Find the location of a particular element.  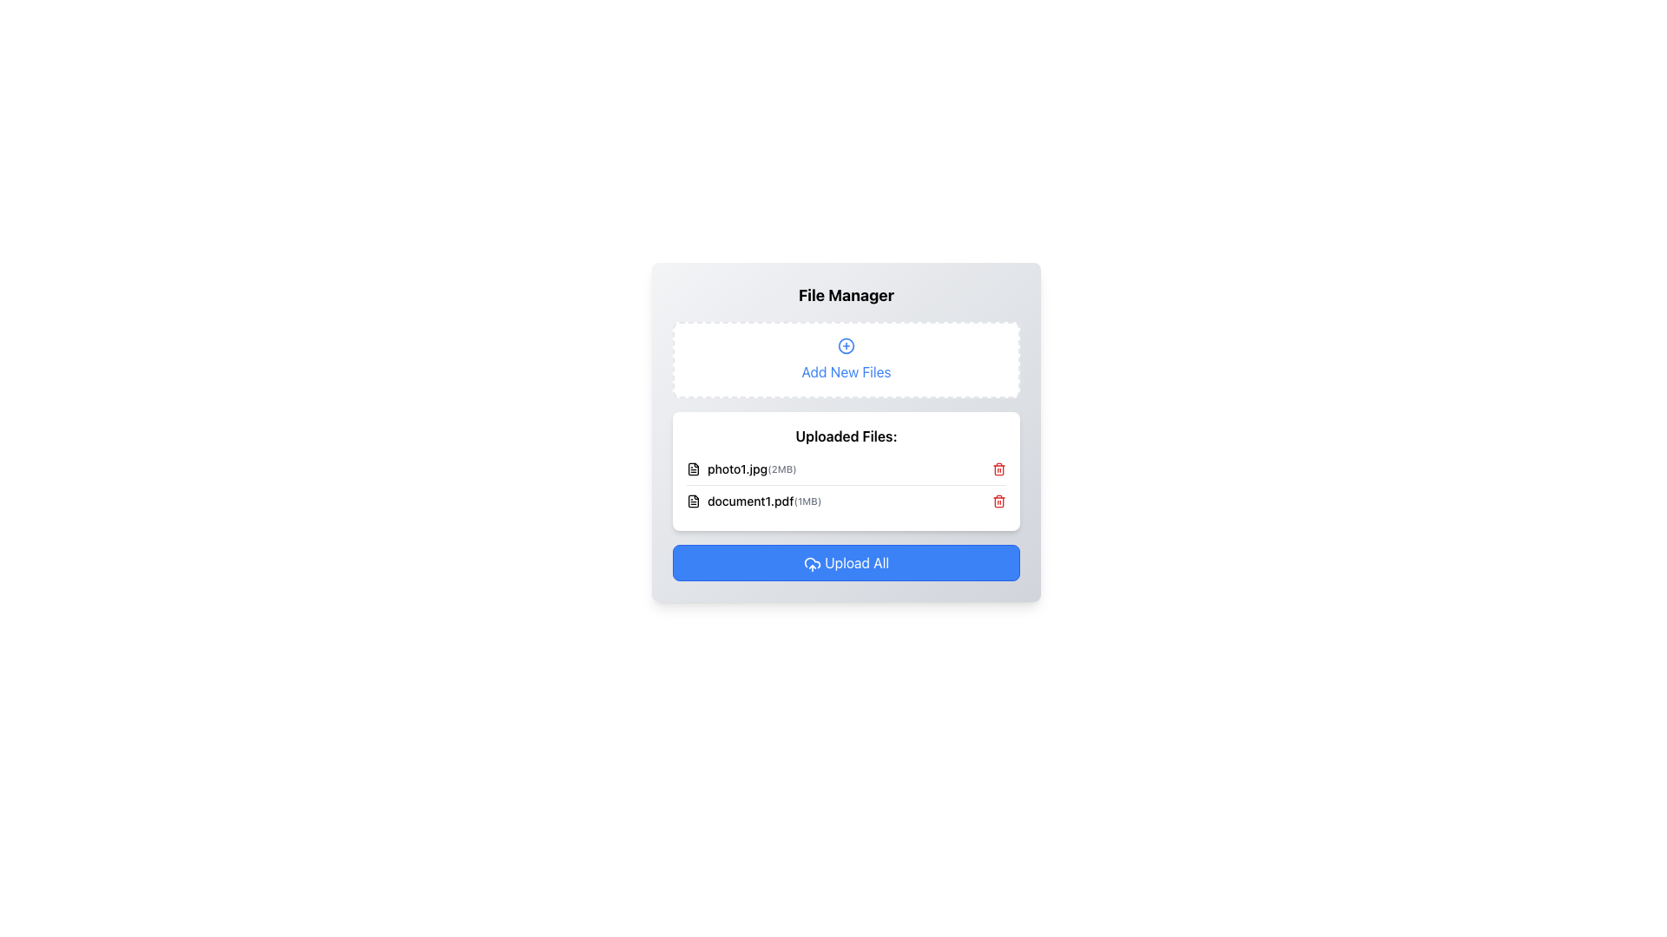

the cloud icon with an upward arrow located to the left of the 'Upload All' button is located at coordinates (812, 564).